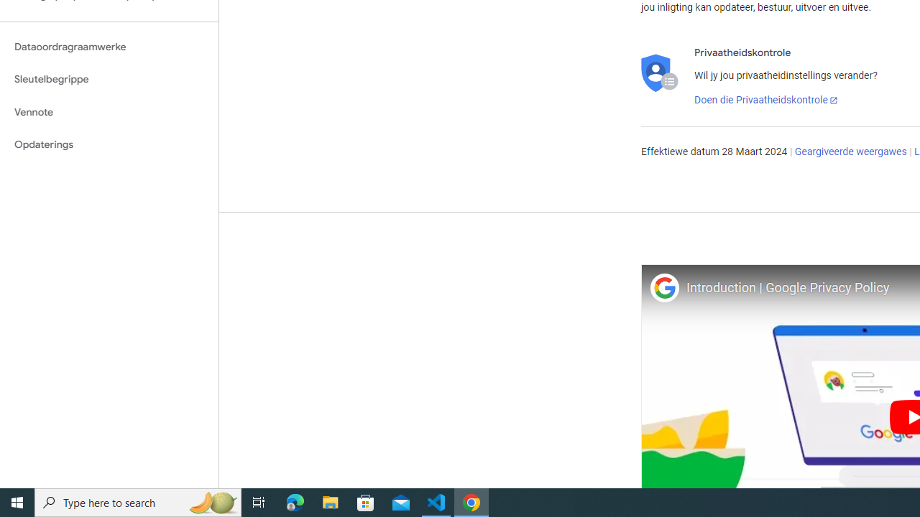 Image resolution: width=920 pixels, height=517 pixels. What do you see at coordinates (109, 144) in the screenshot?
I see `'Opdaterings'` at bounding box center [109, 144].